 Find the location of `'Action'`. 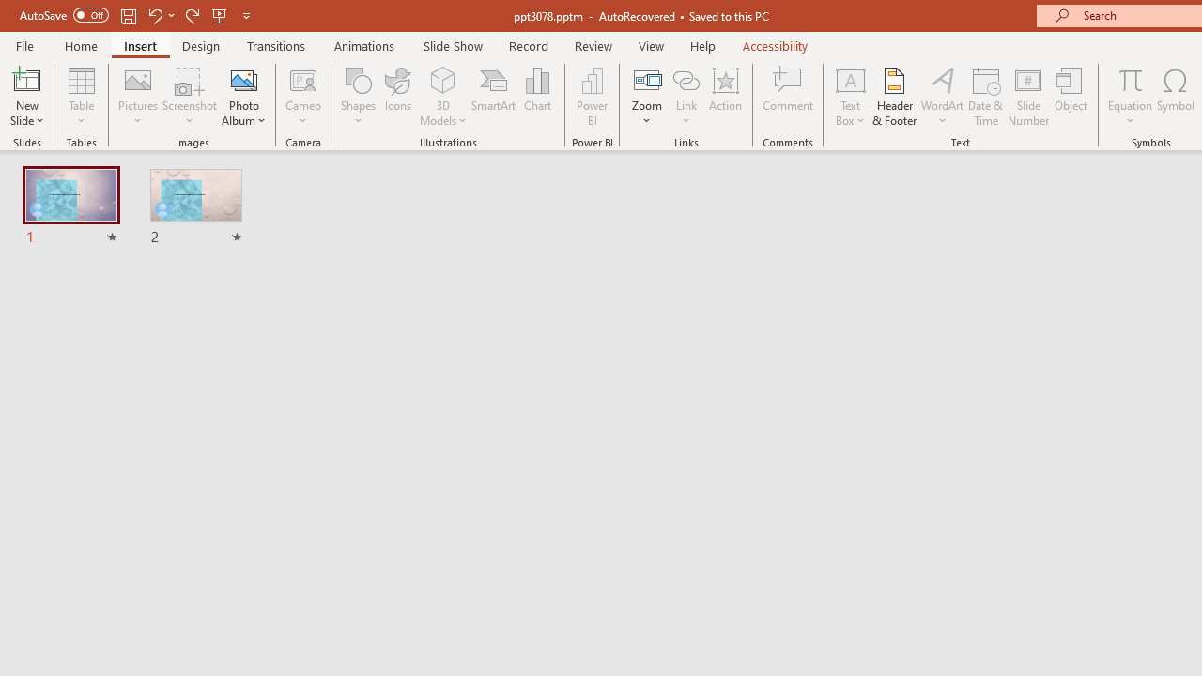

'Action' is located at coordinates (725, 97).